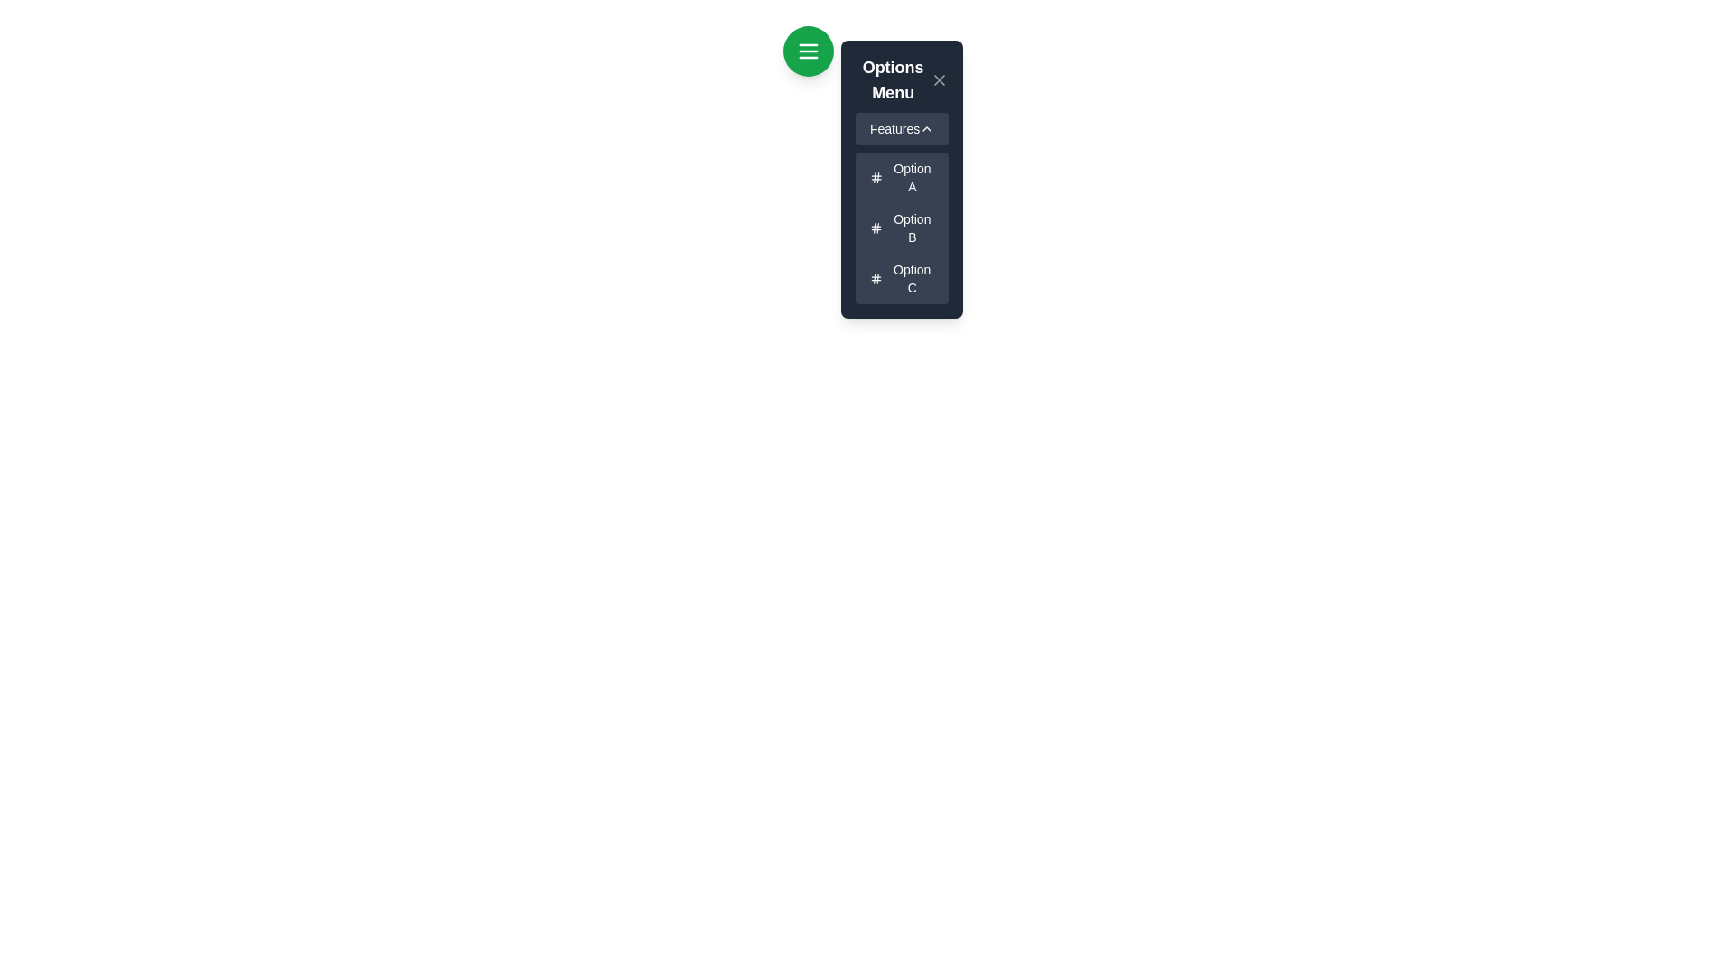 Image resolution: width=1733 pixels, height=975 pixels. Describe the element at coordinates (902, 177) in the screenshot. I see `the first menu option labeled 'Option A'` at that location.